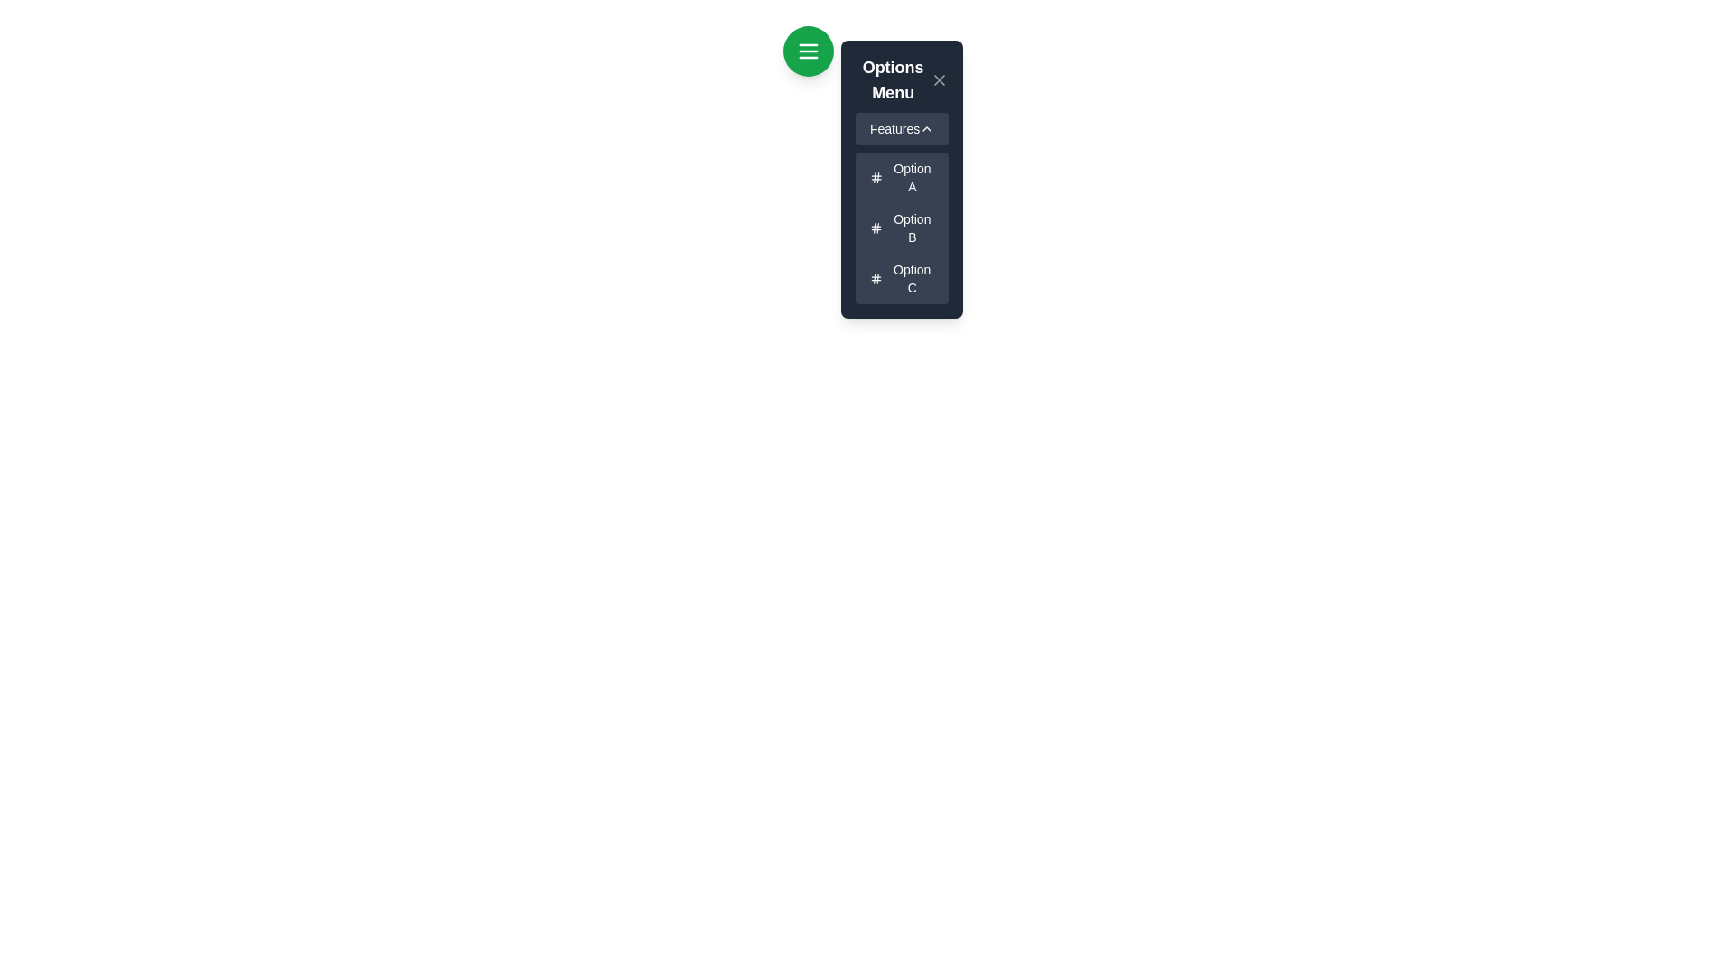 Image resolution: width=1733 pixels, height=975 pixels. Describe the element at coordinates (902, 177) in the screenshot. I see `the first menu option labeled 'Option A'` at that location.